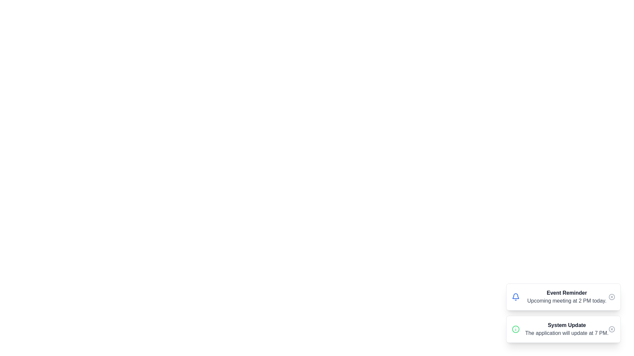  I want to click on close button for the notification titled 'System Update', so click(611, 329).